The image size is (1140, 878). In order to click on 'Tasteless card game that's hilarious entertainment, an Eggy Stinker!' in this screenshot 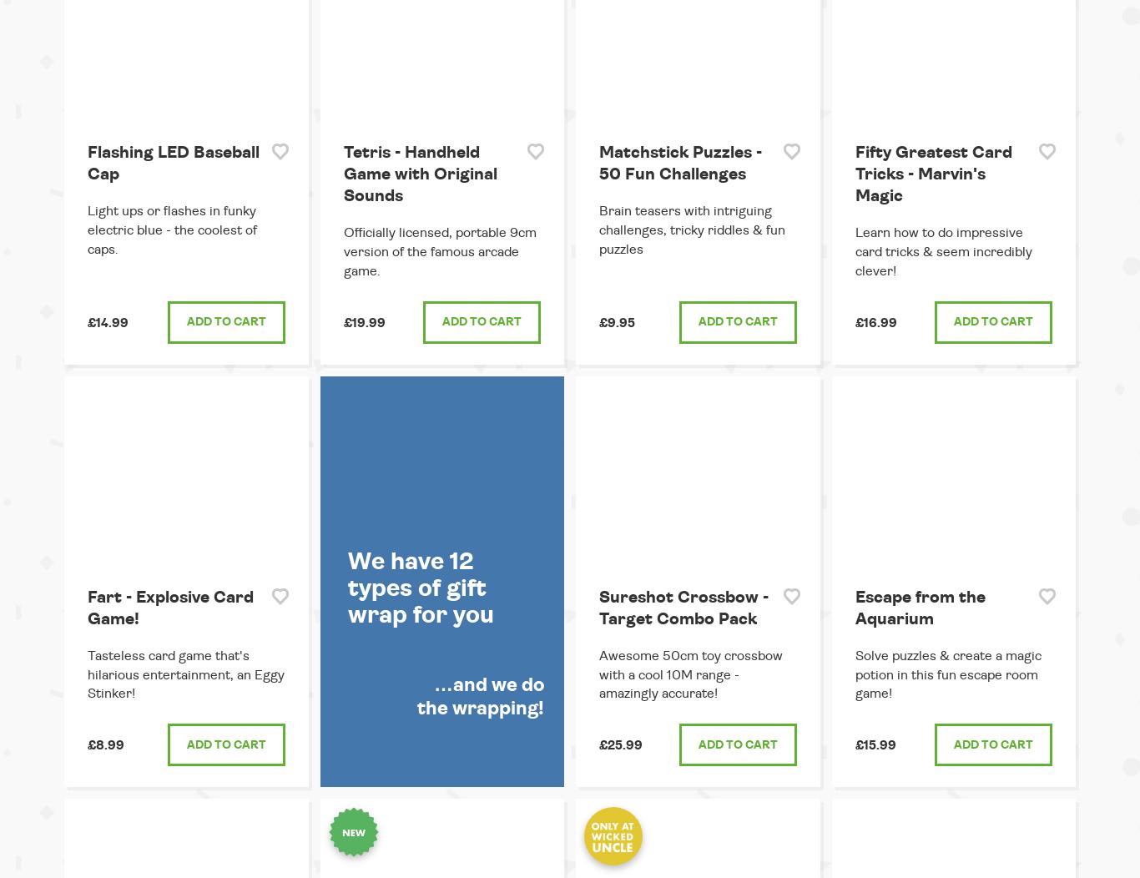, I will do `click(185, 674)`.